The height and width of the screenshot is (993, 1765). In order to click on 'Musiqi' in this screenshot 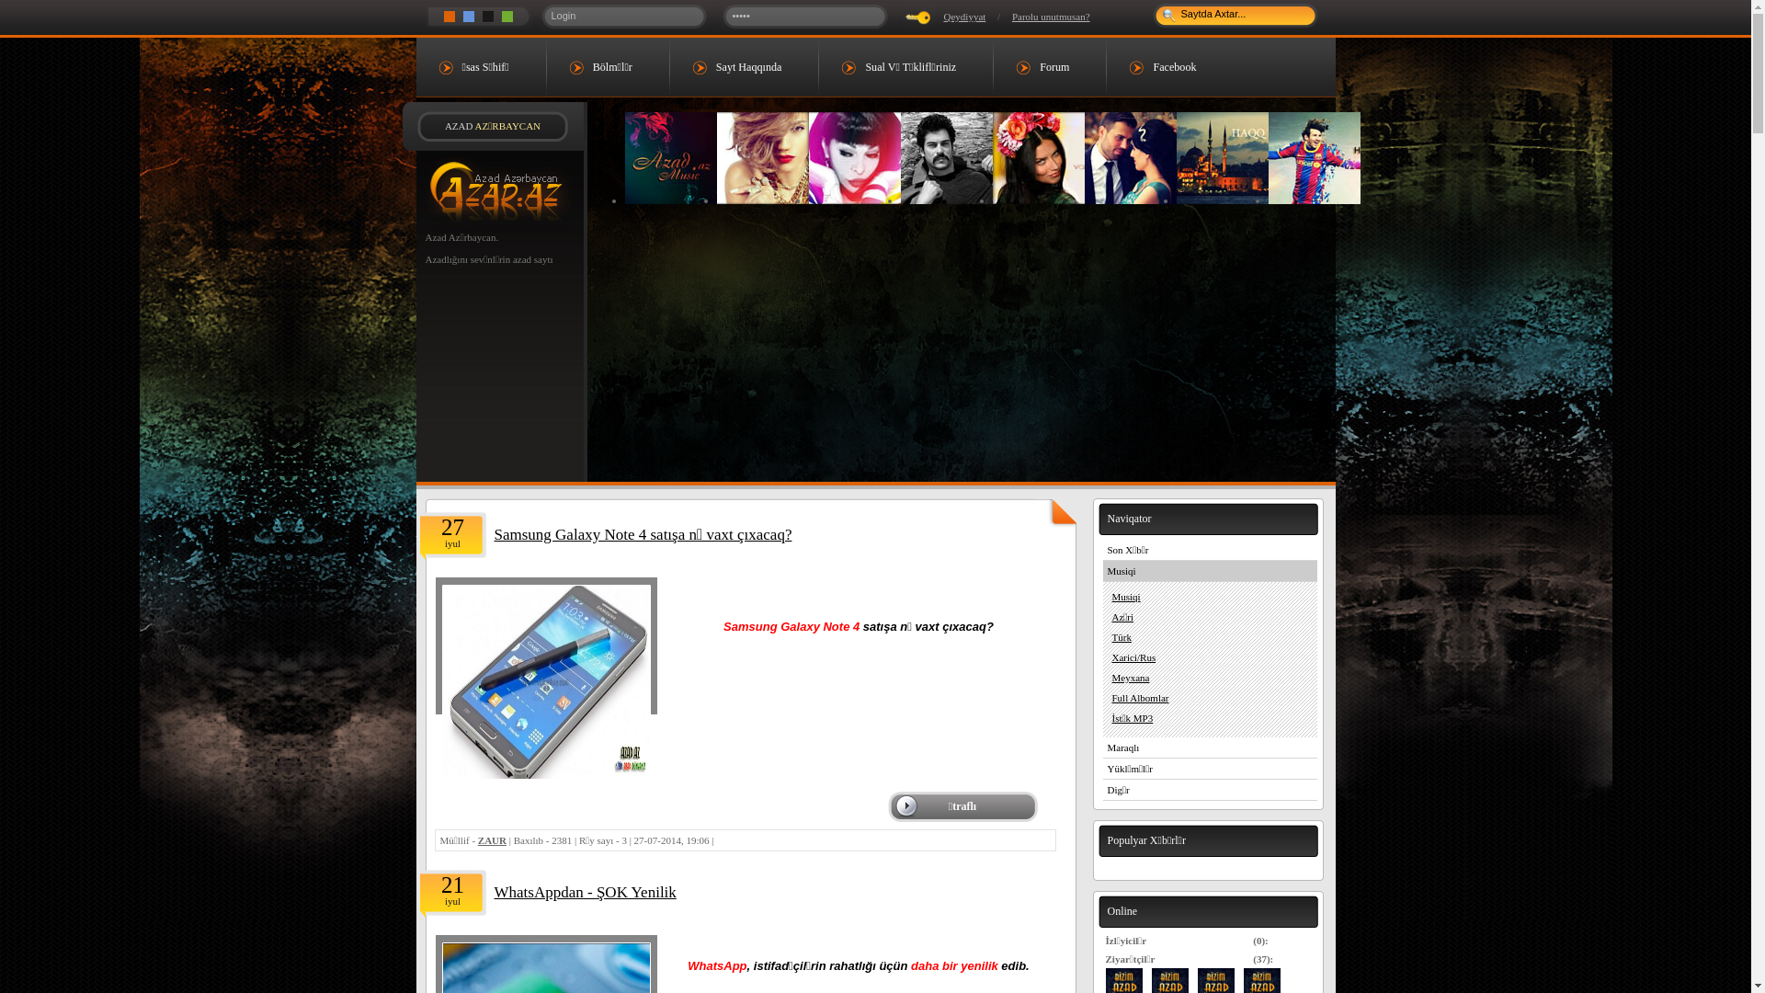, I will do `click(1209, 596)`.